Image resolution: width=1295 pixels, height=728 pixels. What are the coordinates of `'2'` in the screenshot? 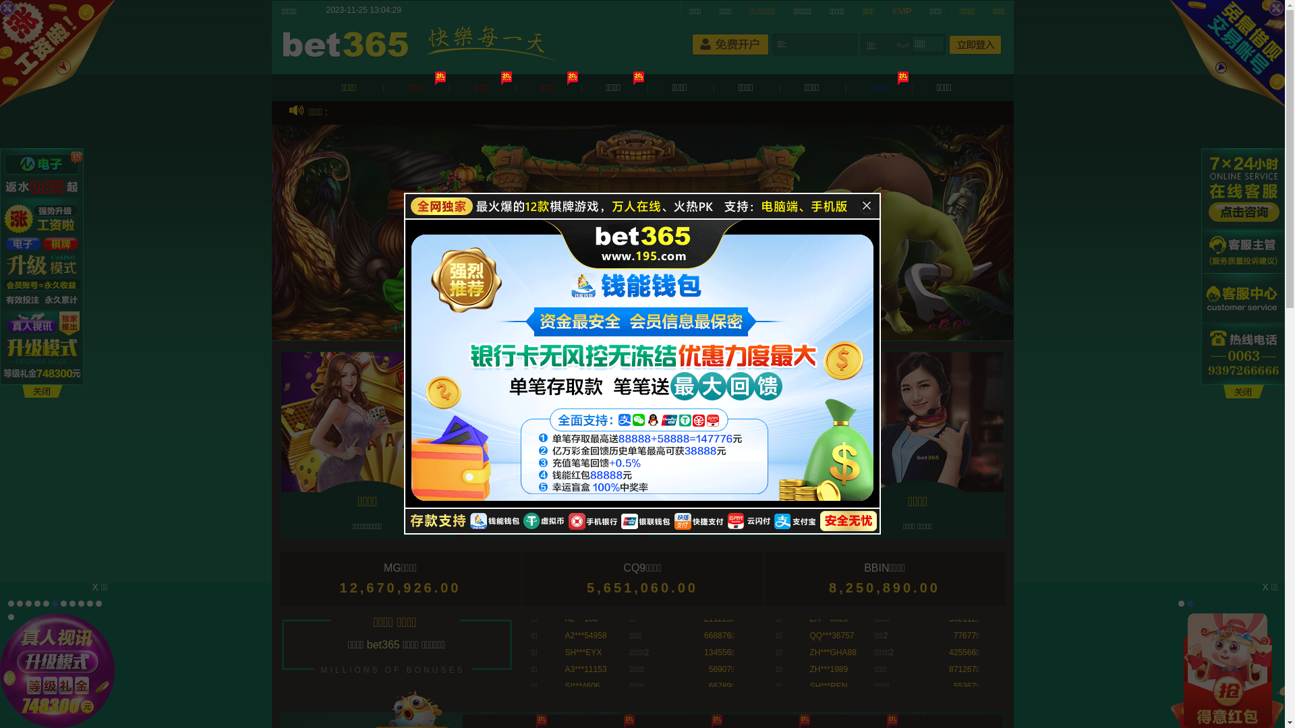 It's located at (16, 603).